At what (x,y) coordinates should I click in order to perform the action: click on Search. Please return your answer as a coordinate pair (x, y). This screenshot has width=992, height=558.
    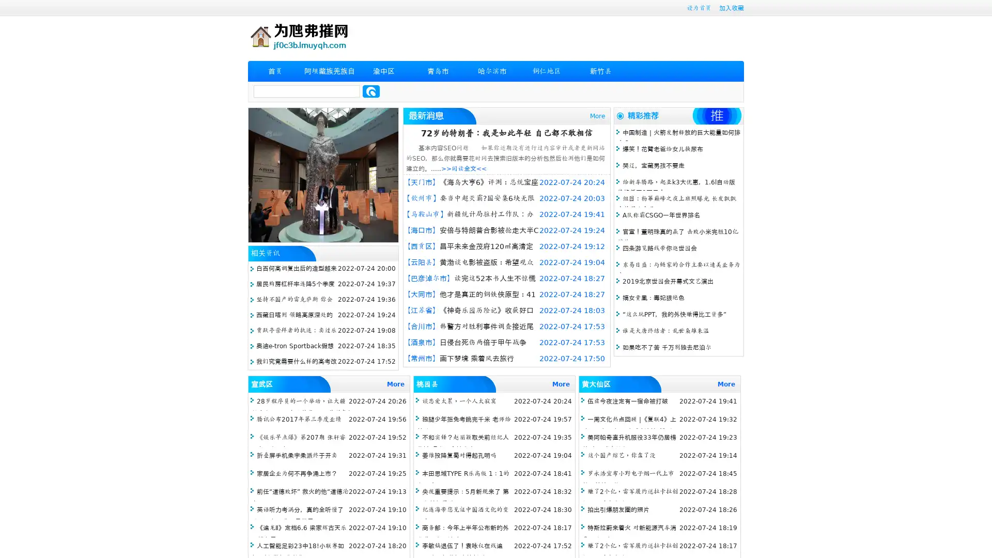
    Looking at the image, I should click on (371, 91).